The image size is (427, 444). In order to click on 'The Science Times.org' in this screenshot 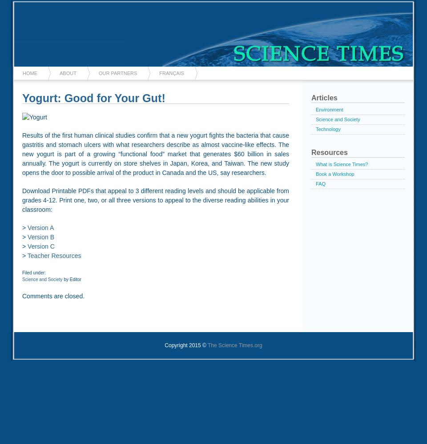, I will do `click(234, 345)`.